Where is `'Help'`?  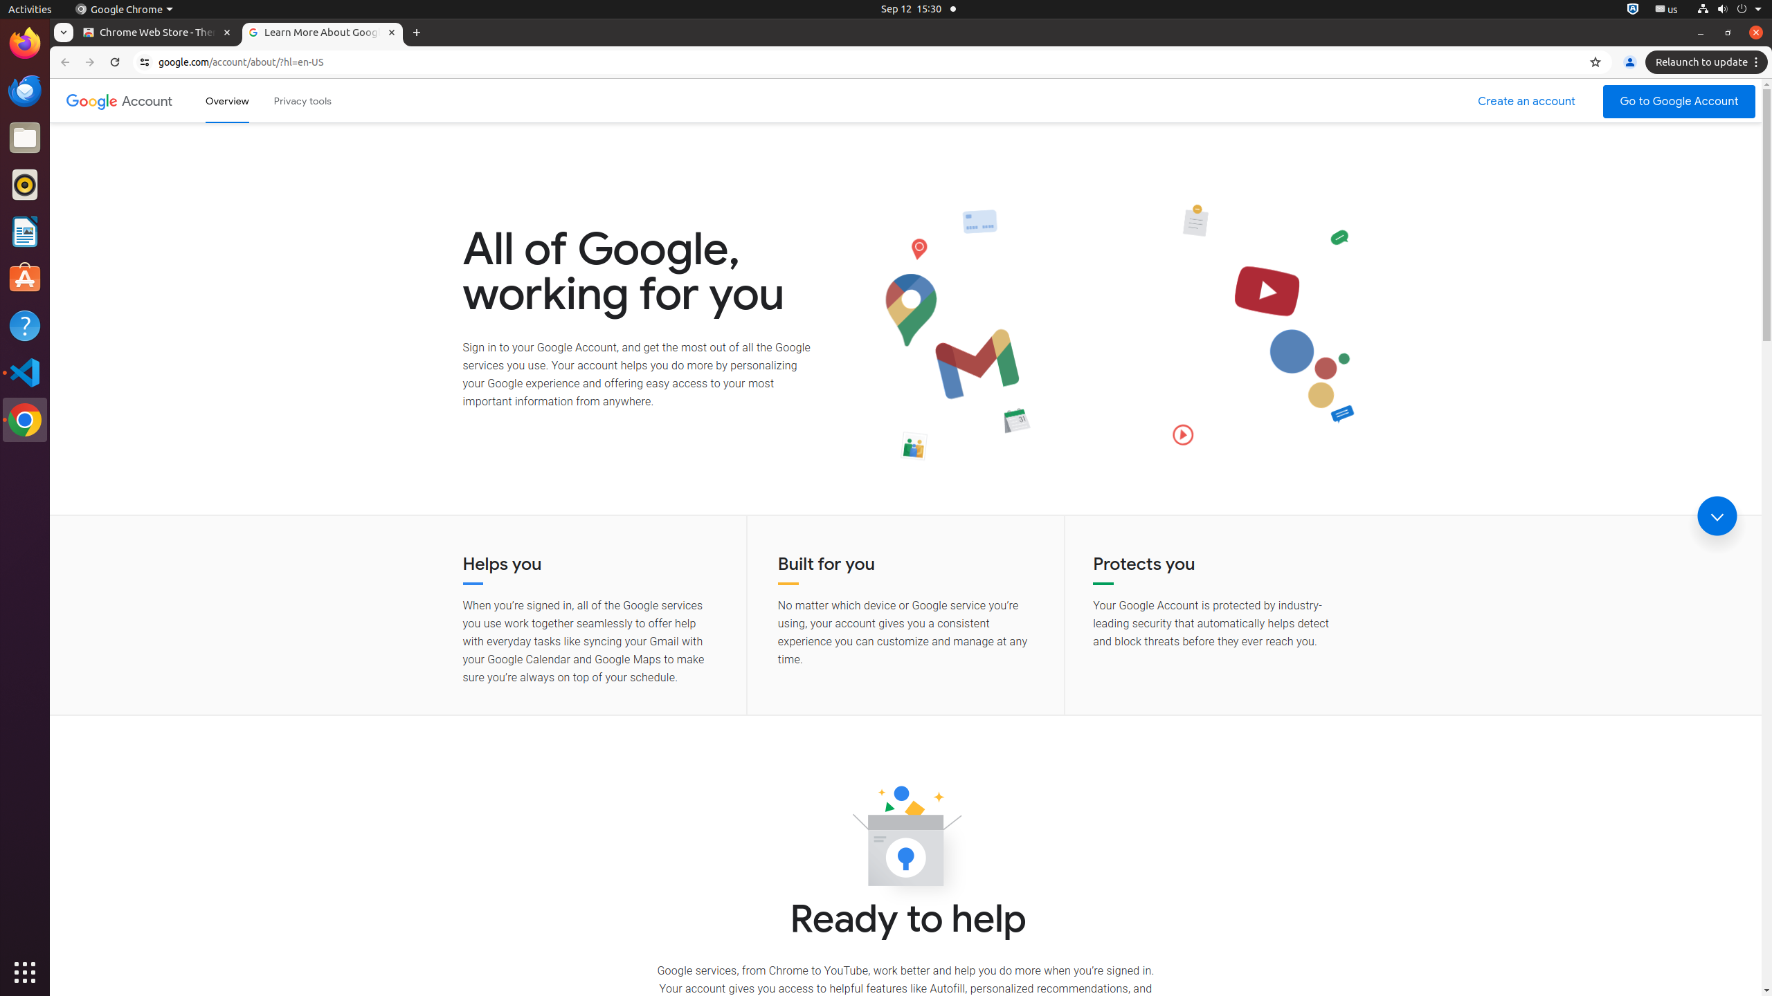 'Help' is located at coordinates (25, 326).